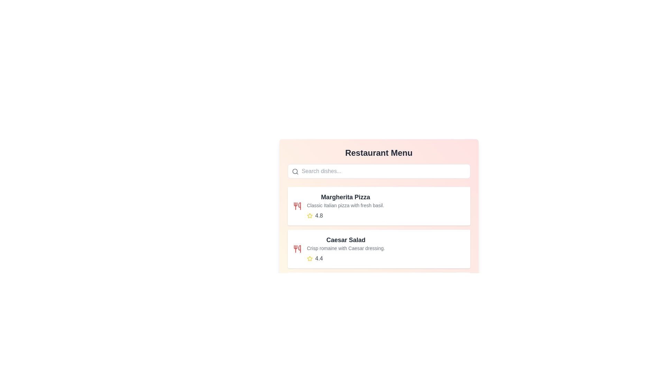 This screenshot has height=373, width=664. Describe the element at coordinates (295, 204) in the screenshot. I see `the left stem of the utensil icon, which is a short vertical line positioned on the leftmost side of the 'Margherita Pizza' item in the menu list` at that location.